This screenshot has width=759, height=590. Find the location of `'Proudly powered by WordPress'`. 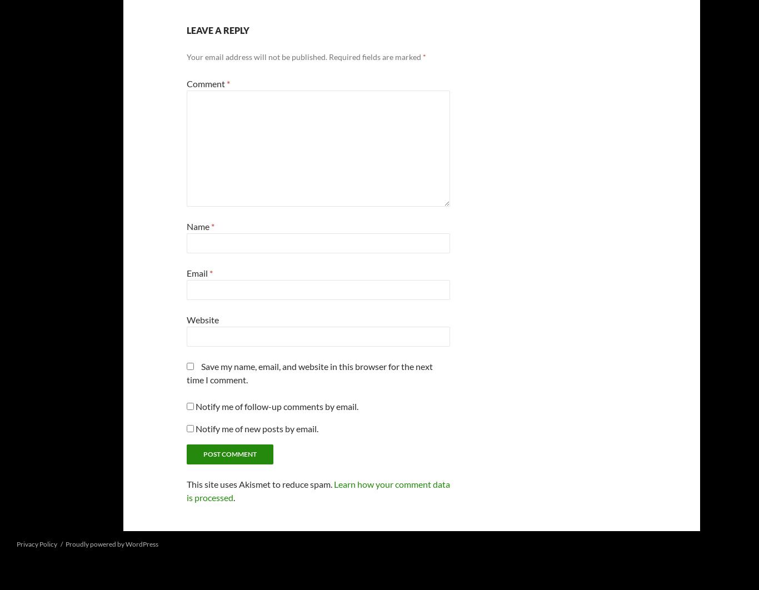

'Proudly powered by WordPress' is located at coordinates (65, 543).